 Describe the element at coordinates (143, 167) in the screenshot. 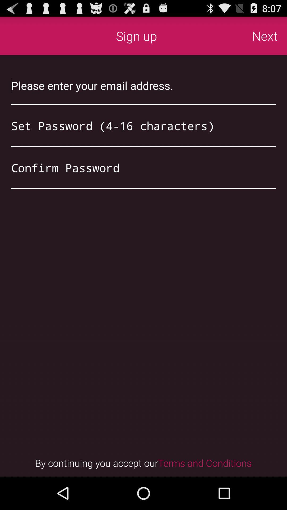

I see `password check` at that location.